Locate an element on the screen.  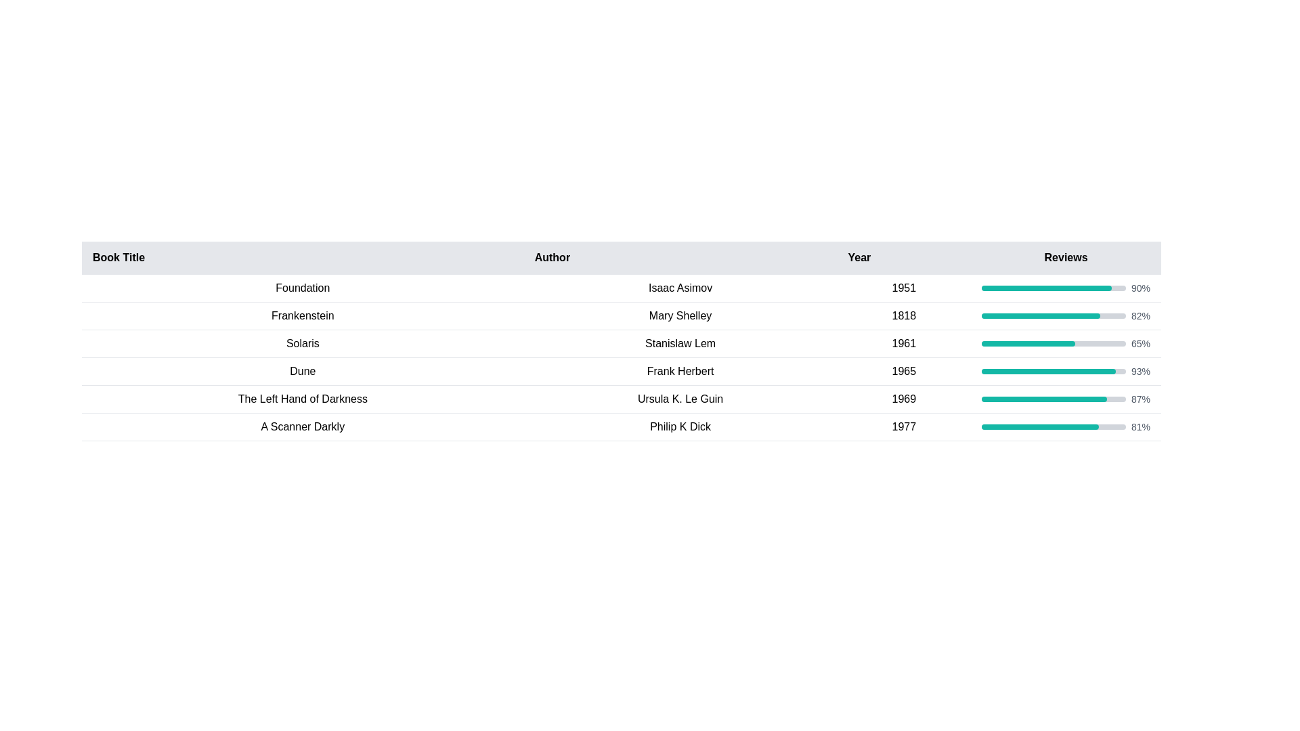
the teal progress bar within the 'Reviews' column for the book 'Frankenstein' to possibly trigger an action, if enabled by interactivity is located at coordinates (1040, 315).